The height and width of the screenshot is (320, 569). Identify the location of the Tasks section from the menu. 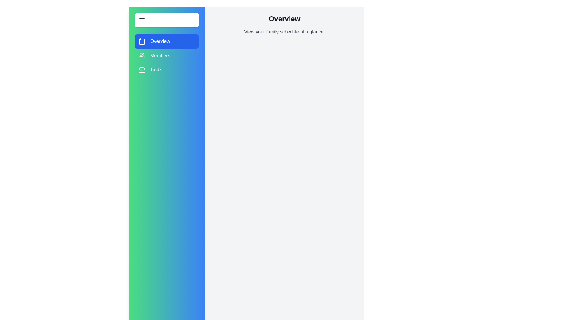
(166, 69).